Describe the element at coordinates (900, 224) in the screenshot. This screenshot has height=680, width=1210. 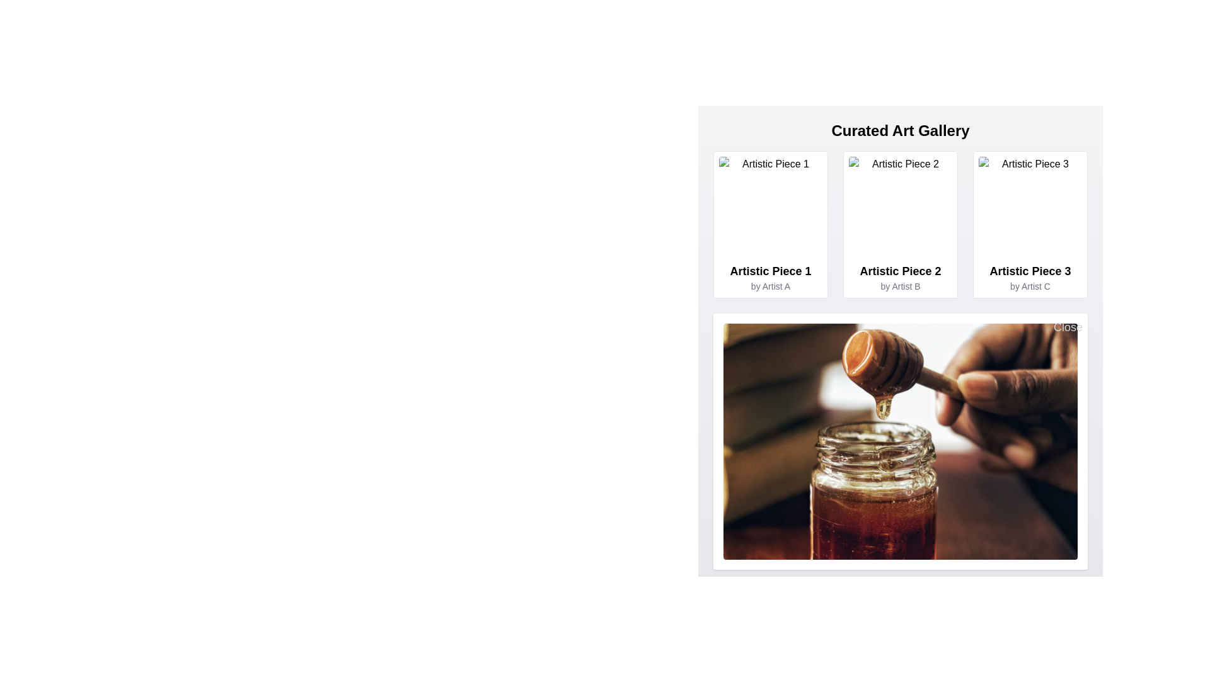
I see `the Interactive Card representing an individual artistic piece, located in the middle column of the first row of a three-column layout` at that location.